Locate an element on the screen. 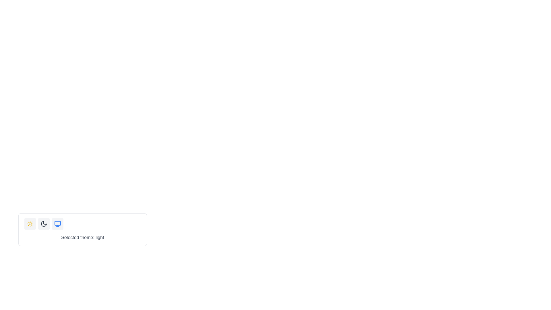 The width and height of the screenshot is (551, 310). the sunlight icon located at the center of the first button in the horizontal row of buttons to switch the interface's theme to light mode is located at coordinates (30, 223).